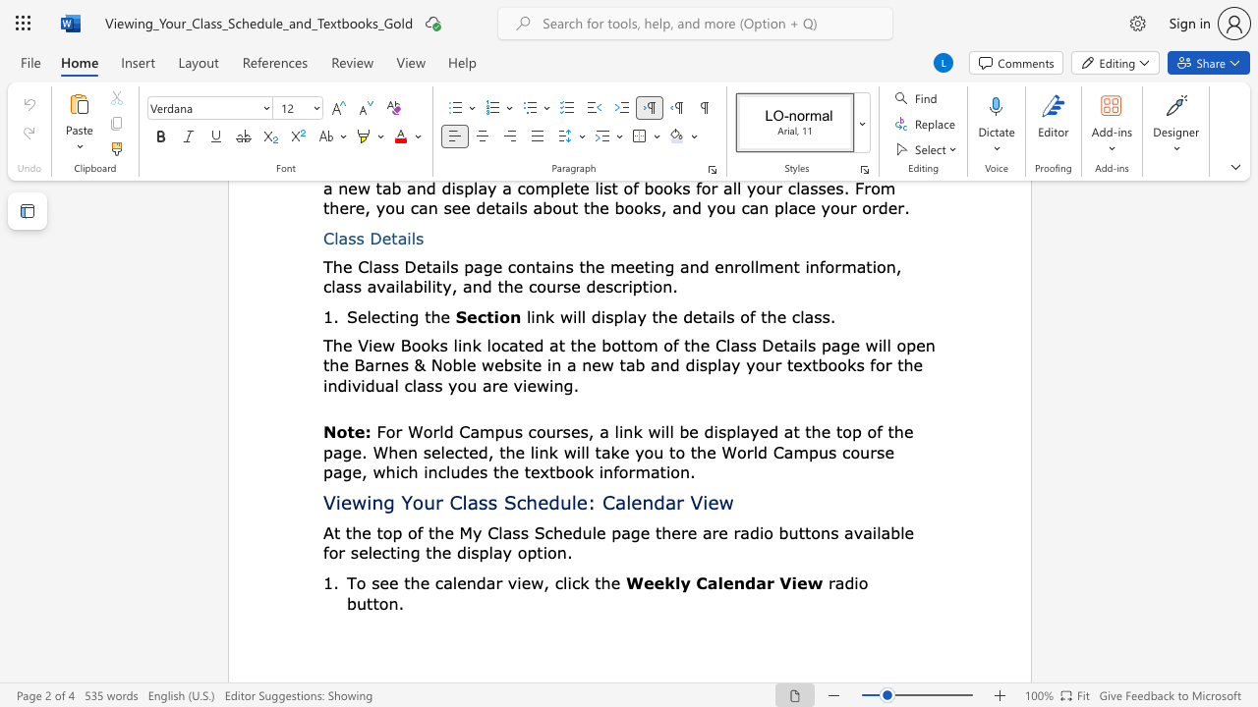 Image resolution: width=1258 pixels, height=707 pixels. Describe the element at coordinates (519, 581) in the screenshot. I see `the 1th character "i" in the text` at that location.